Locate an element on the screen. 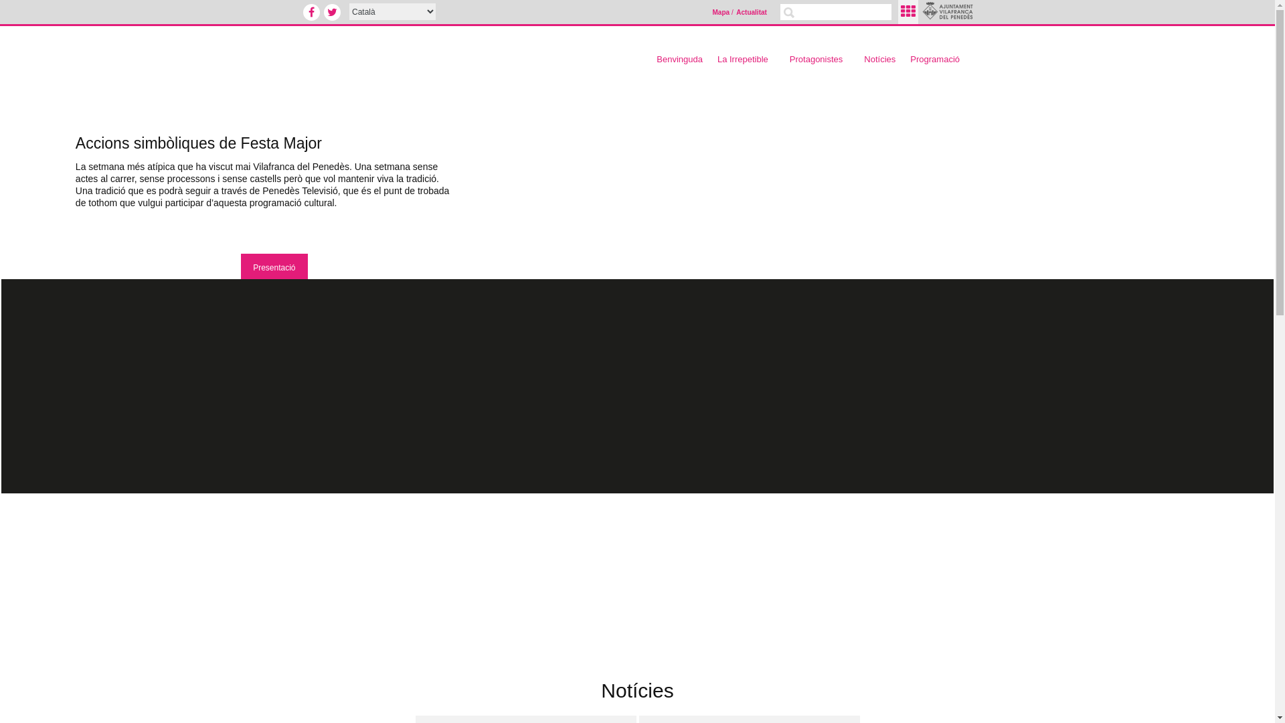 This screenshot has width=1285, height=723. 'Anterior' is located at coordinates (21, 234).